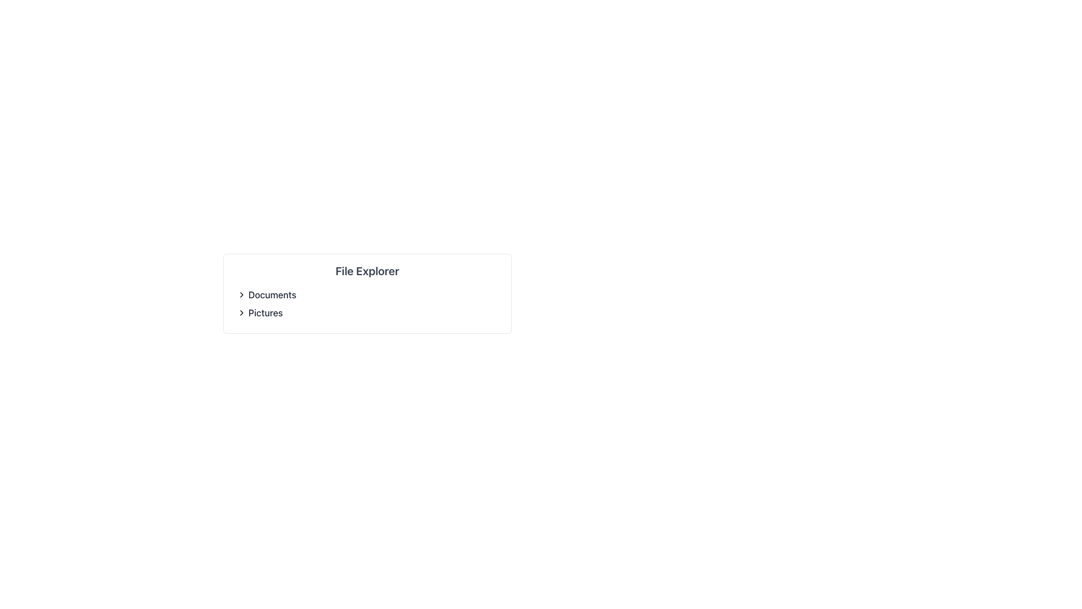 The image size is (1082, 609). Describe the element at coordinates (367, 293) in the screenshot. I see `the 'File Explorer' card element, which is a rectangular box with rounded edges featuring a white background and a title in bold font` at that location.